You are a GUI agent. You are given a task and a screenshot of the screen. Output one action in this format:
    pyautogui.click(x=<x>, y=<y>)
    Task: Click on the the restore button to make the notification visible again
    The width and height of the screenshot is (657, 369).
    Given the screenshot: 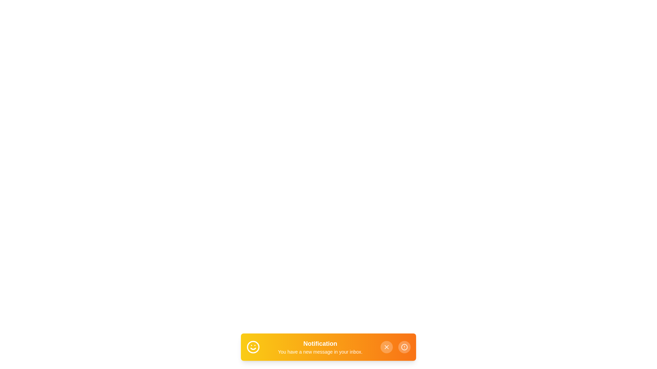 What is the action you would take?
    pyautogui.click(x=404, y=347)
    